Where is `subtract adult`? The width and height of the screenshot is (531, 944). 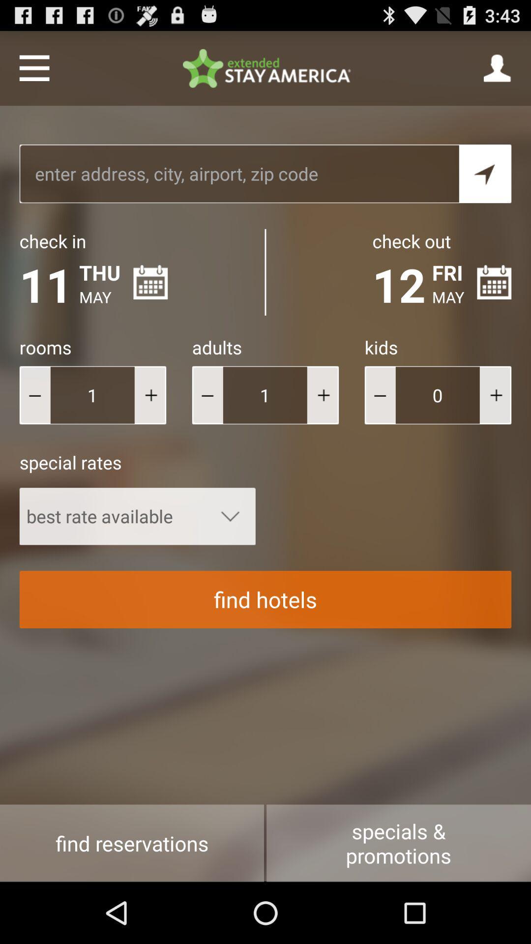 subtract adult is located at coordinates (207, 395).